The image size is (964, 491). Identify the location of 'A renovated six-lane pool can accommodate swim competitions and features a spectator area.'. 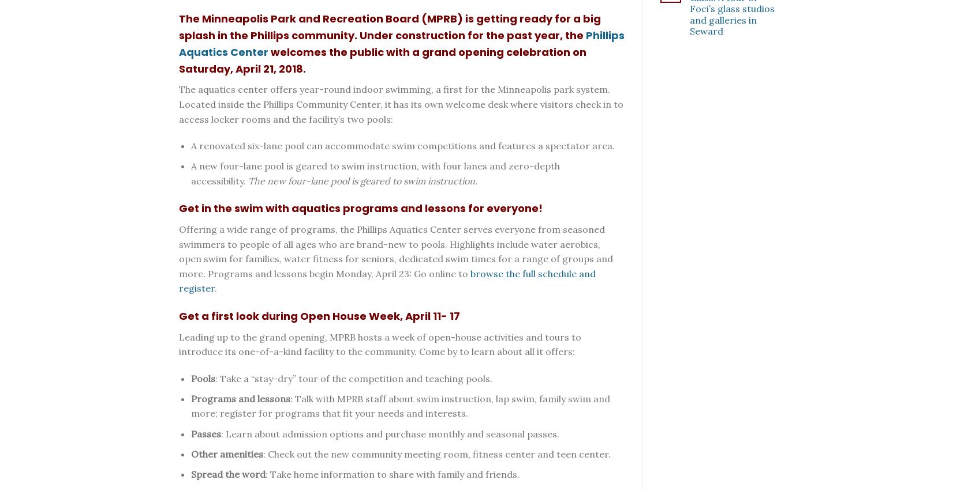
(402, 145).